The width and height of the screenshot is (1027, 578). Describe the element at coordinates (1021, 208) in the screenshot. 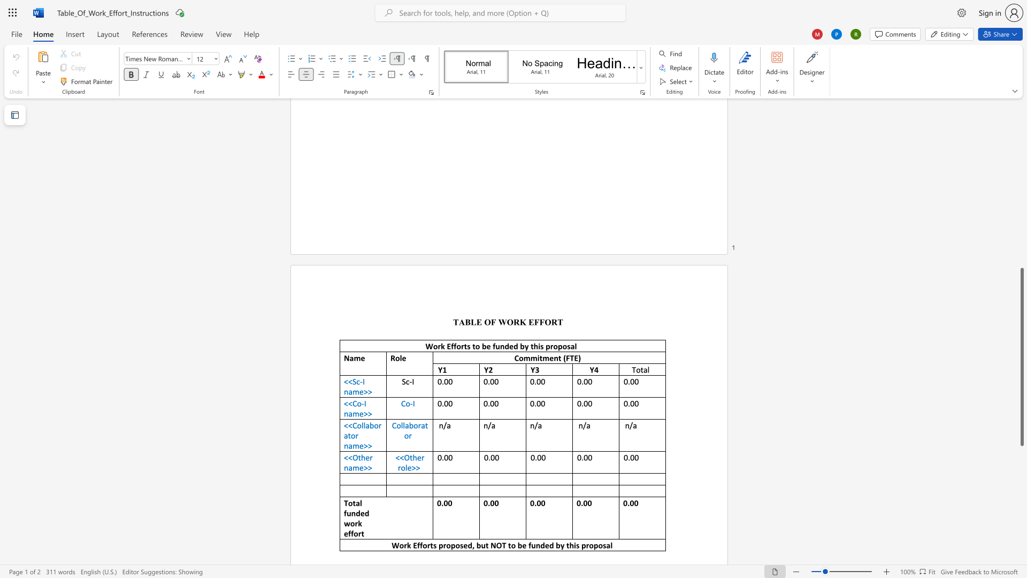

I see `the scrollbar to move the page up` at that location.